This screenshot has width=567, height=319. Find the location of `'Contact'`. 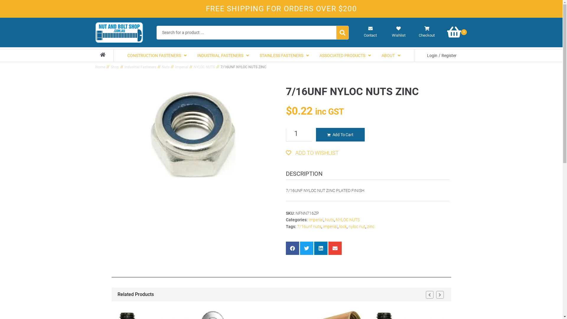

'Contact' is located at coordinates (370, 32).